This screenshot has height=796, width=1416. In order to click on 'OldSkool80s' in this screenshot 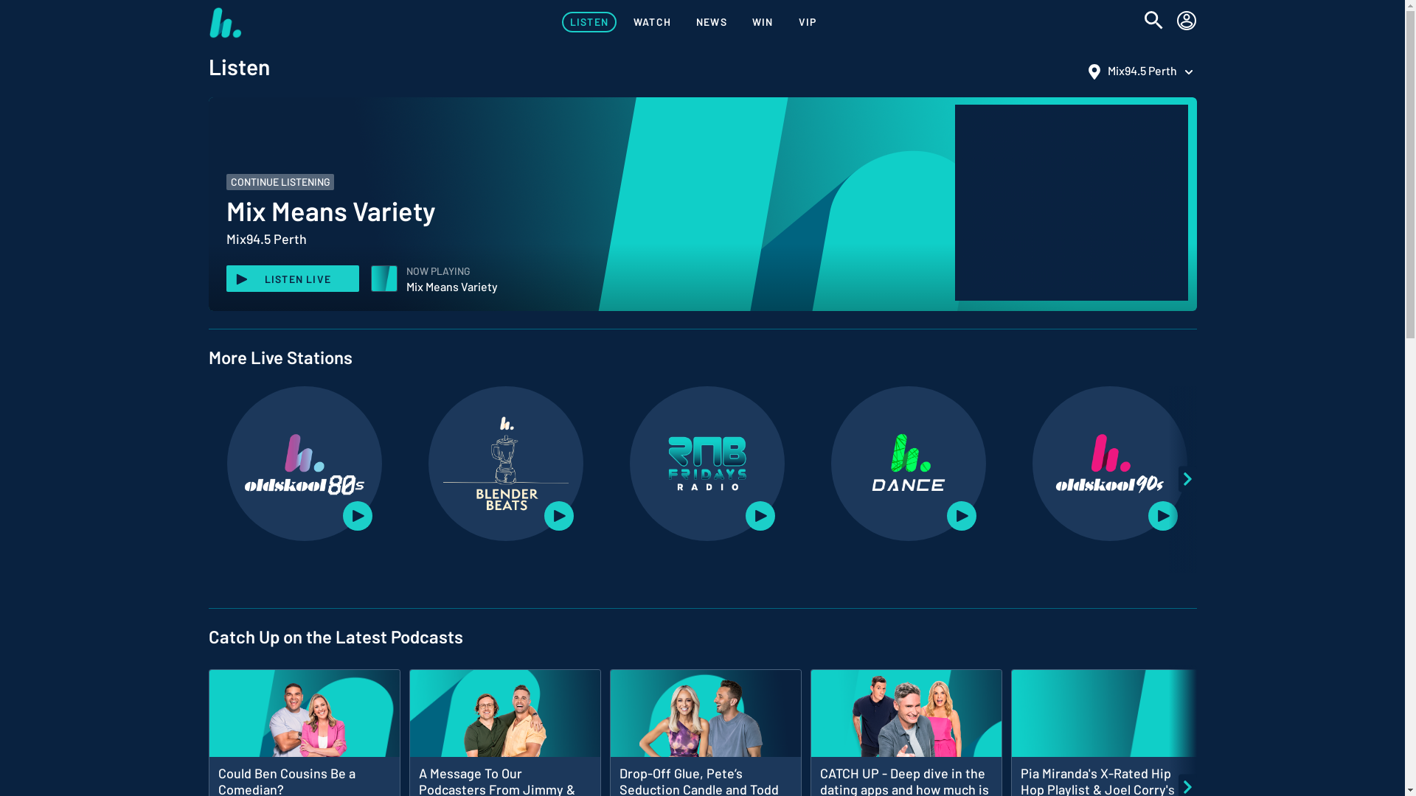, I will do `click(303, 462)`.